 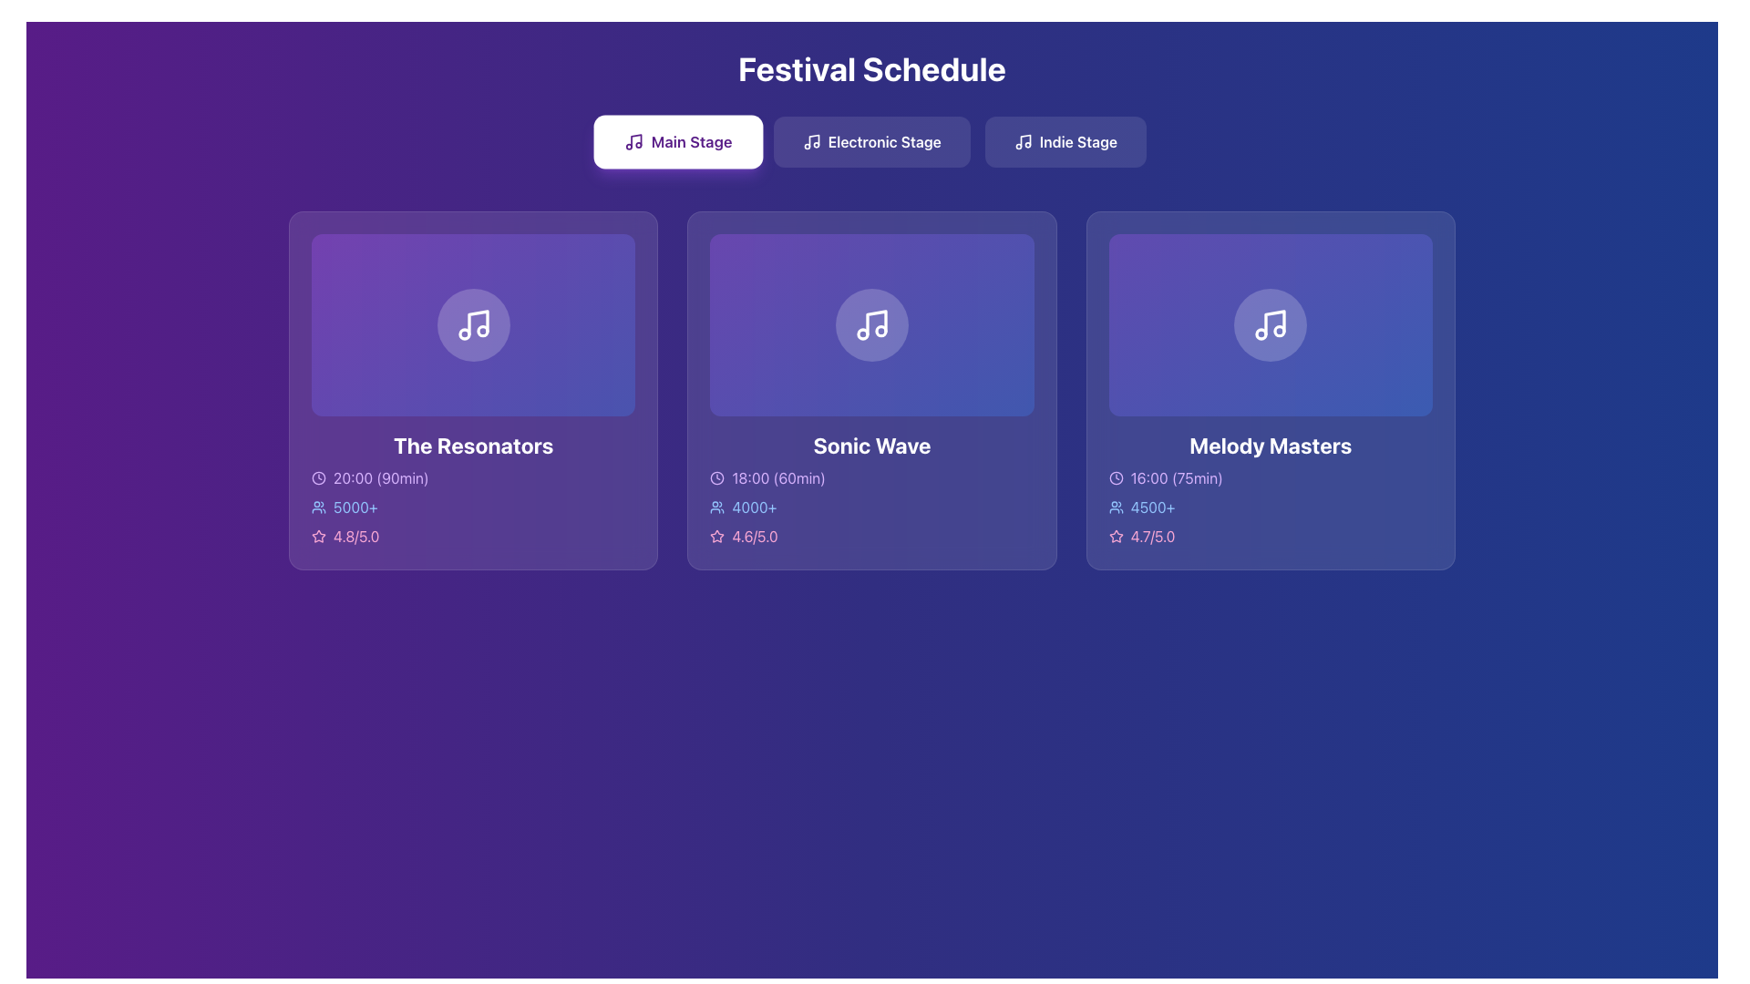 I want to click on the 'Melody Masters' event icon located centrally within its content box under the 'Main Stage' tab, so click(x=1270, y=323).